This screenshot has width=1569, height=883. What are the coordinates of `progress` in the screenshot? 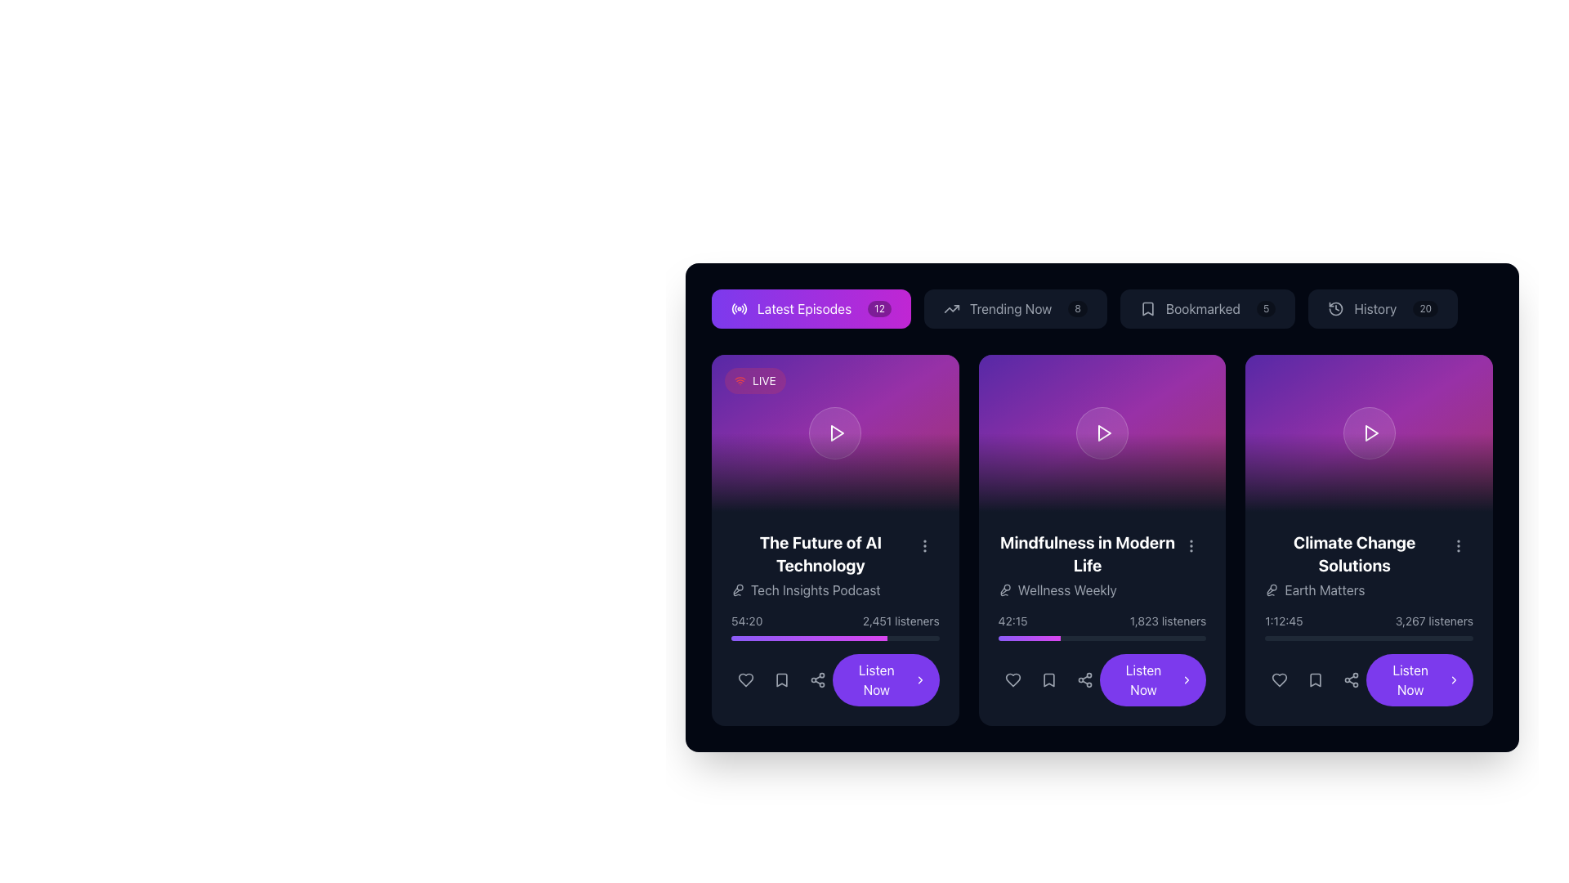 It's located at (1057, 637).